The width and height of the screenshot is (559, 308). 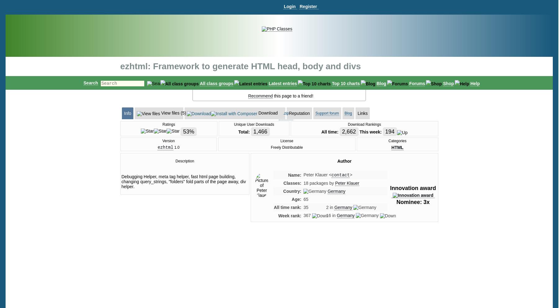 What do you see at coordinates (240, 66) in the screenshot?
I see `'ezhtml: Framework to generate HTML head, body and divs'` at bounding box center [240, 66].